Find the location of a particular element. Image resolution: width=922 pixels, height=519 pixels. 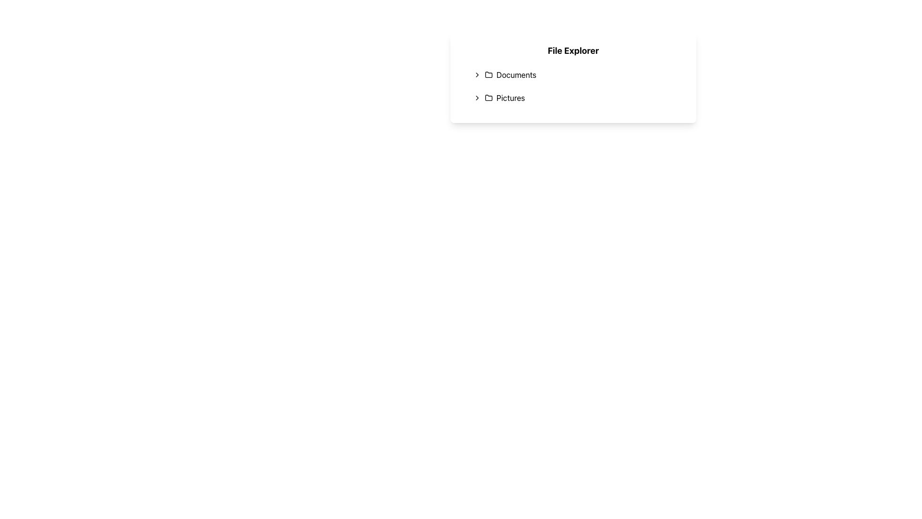

the Label indicating the section for exploring files, located at the top within a white, shadowed, rounded rectangle is located at coordinates (573, 50).